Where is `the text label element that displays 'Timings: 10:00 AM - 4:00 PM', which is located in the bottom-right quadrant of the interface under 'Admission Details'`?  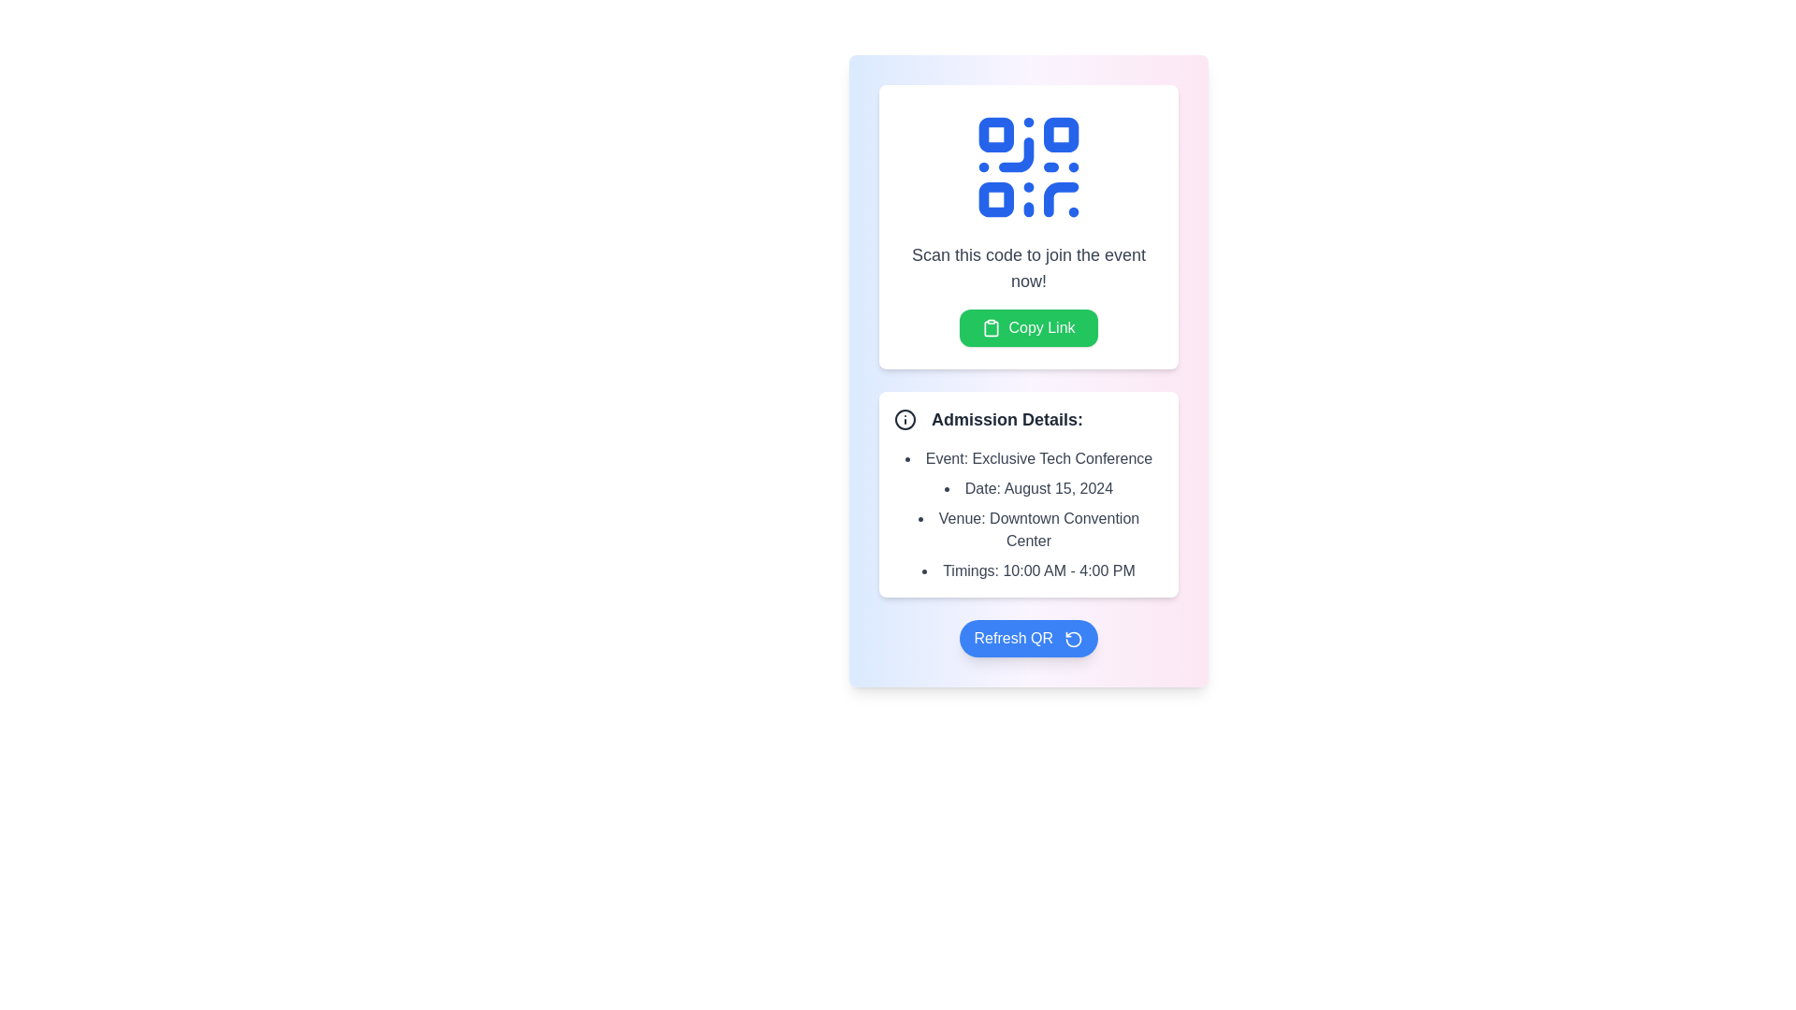
the text label element that displays 'Timings: 10:00 AM - 4:00 PM', which is located in the bottom-right quadrant of the interface under 'Admission Details' is located at coordinates (1027, 570).